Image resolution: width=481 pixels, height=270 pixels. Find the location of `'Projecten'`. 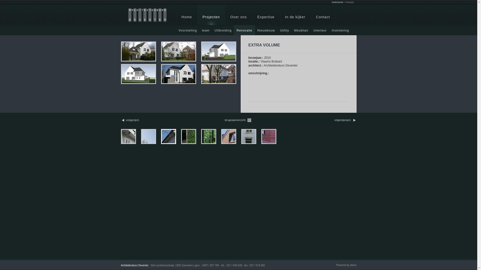

'Projecten' is located at coordinates (211, 15).